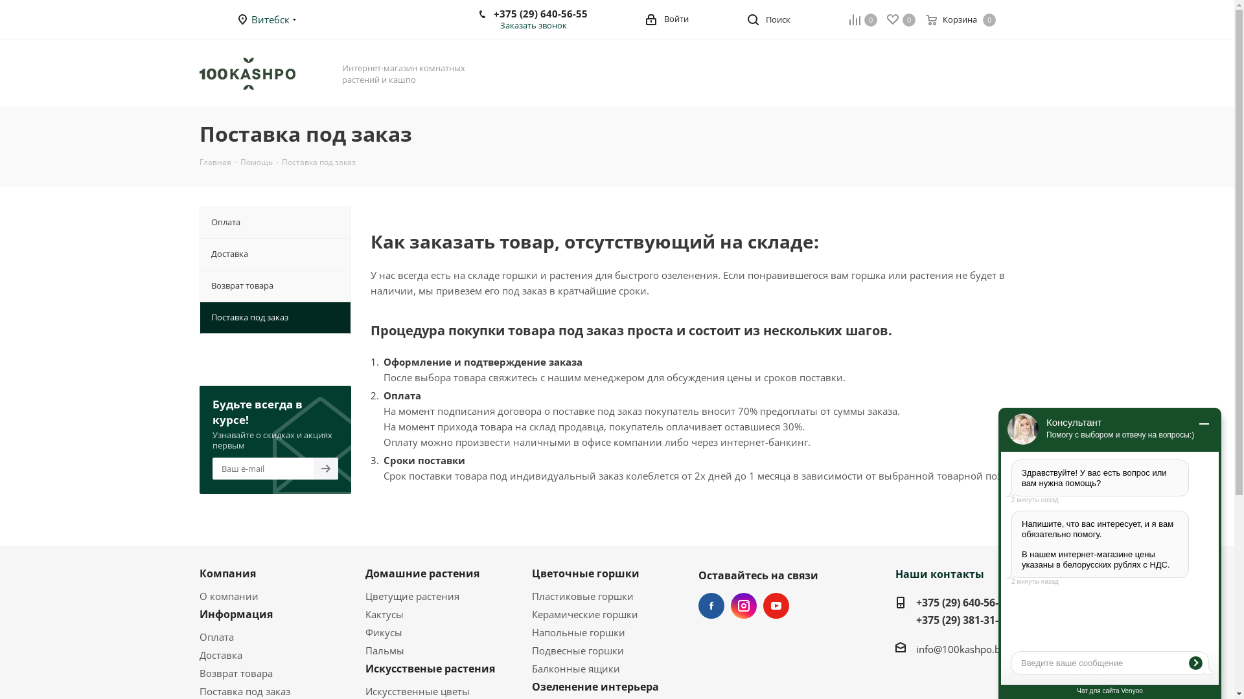  What do you see at coordinates (965, 619) in the screenshot?
I see `'+375 (29) 381-31-49'` at bounding box center [965, 619].